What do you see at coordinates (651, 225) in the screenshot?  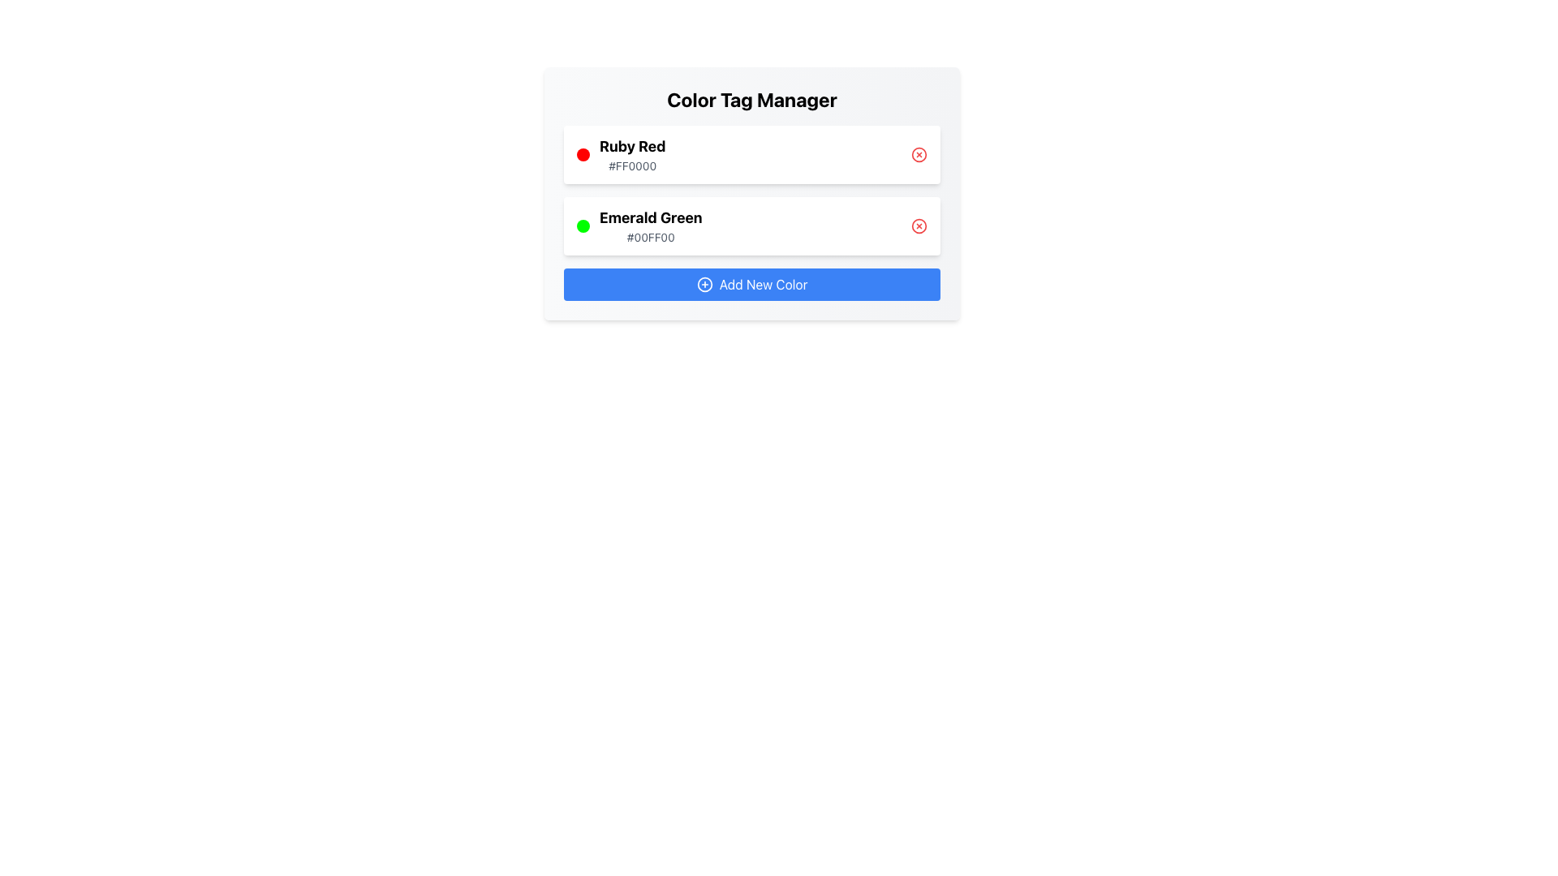 I see `contents of the text label displaying a color name and its hexadecimal code, located in the middle of the second row of color tags, to the right of a green circular indicator` at bounding box center [651, 225].